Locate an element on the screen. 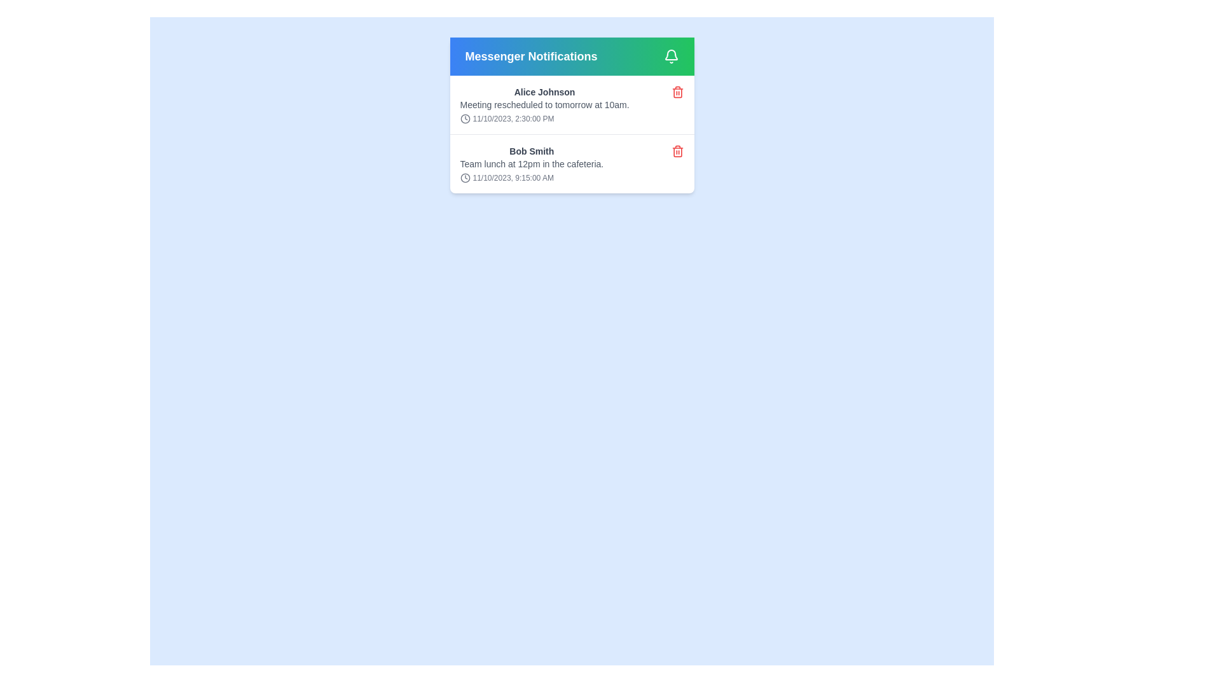 The width and height of the screenshot is (1221, 687). the main body of the trash can icon located in the top-right area of the notification card is located at coordinates (677, 92).